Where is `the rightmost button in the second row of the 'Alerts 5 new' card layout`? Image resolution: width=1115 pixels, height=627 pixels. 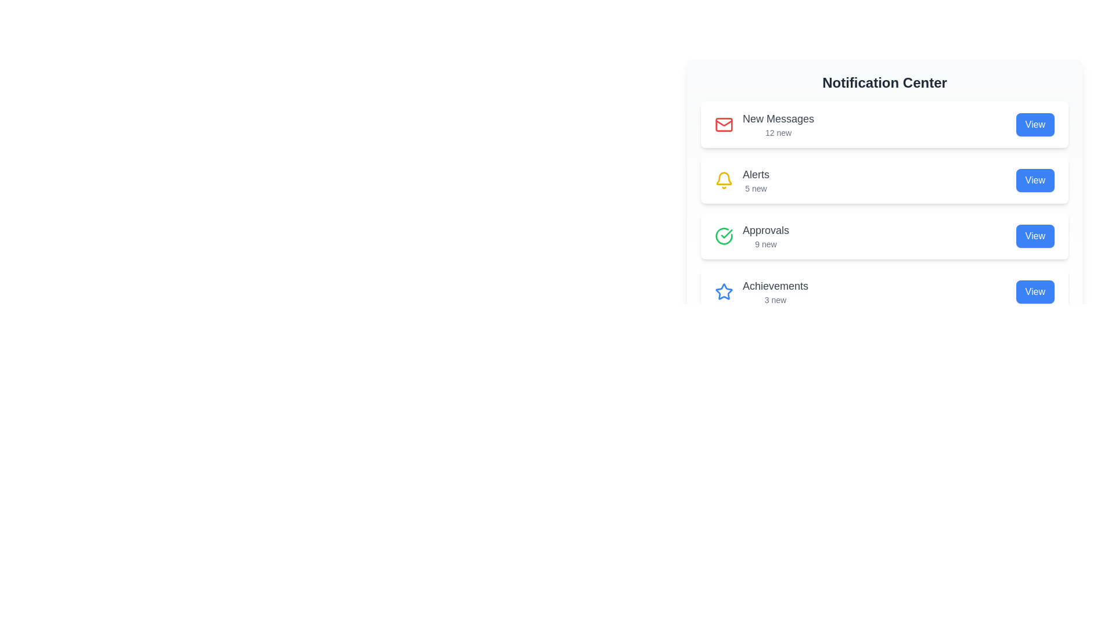
the rightmost button in the second row of the 'Alerts 5 new' card layout is located at coordinates (1035, 181).